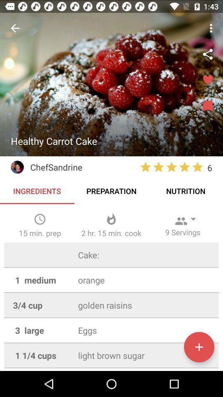 This screenshot has height=397, width=223. What do you see at coordinates (207, 54) in the screenshot?
I see `the share icon` at bounding box center [207, 54].